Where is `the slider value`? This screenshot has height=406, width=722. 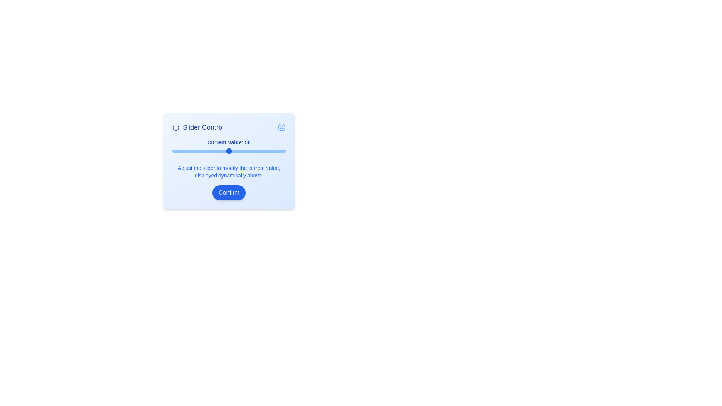
the slider value is located at coordinates (224, 151).